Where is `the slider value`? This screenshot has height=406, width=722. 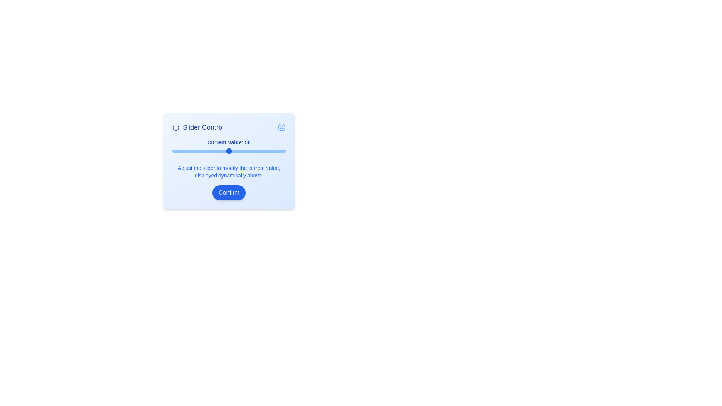
the slider value is located at coordinates (224, 151).